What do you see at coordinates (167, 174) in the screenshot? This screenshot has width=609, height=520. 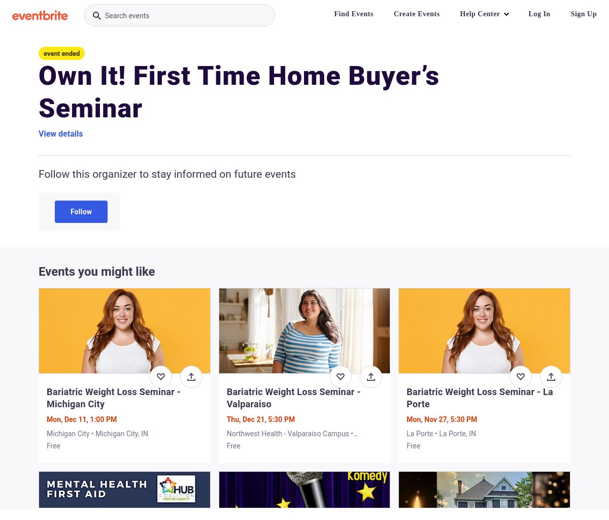 I see `'Follow this organizer to stay informed on future events'` at bounding box center [167, 174].